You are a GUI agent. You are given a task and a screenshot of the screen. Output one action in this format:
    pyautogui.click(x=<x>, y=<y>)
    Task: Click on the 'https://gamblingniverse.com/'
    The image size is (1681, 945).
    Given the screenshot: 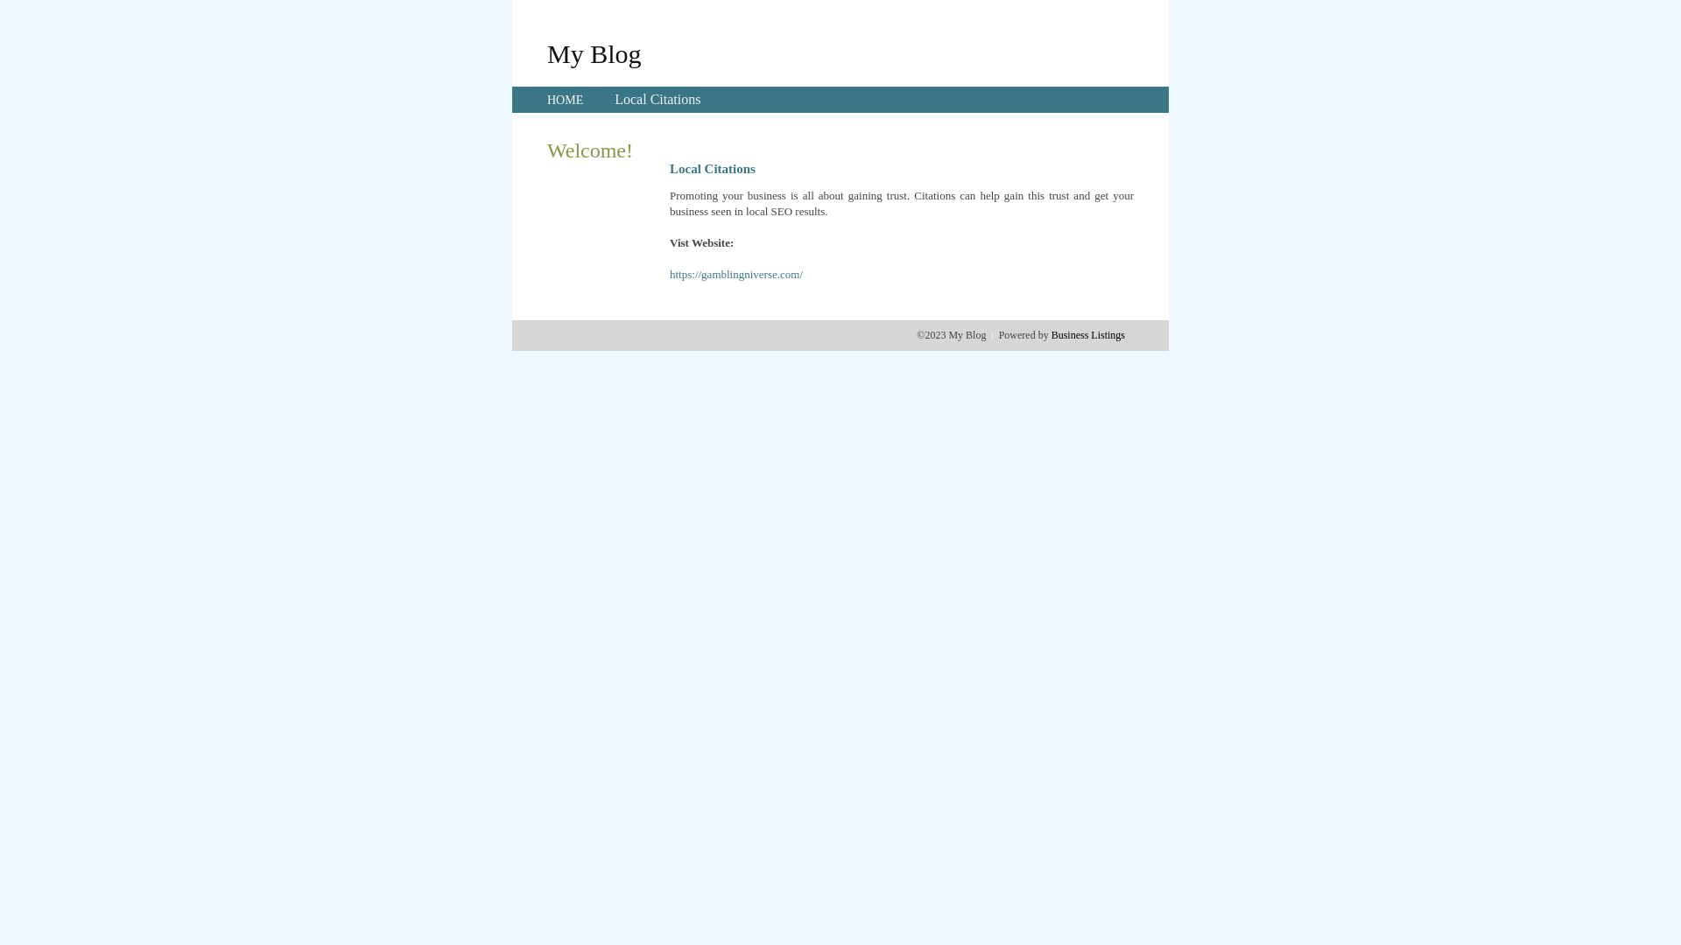 What is the action you would take?
    pyautogui.click(x=735, y=274)
    